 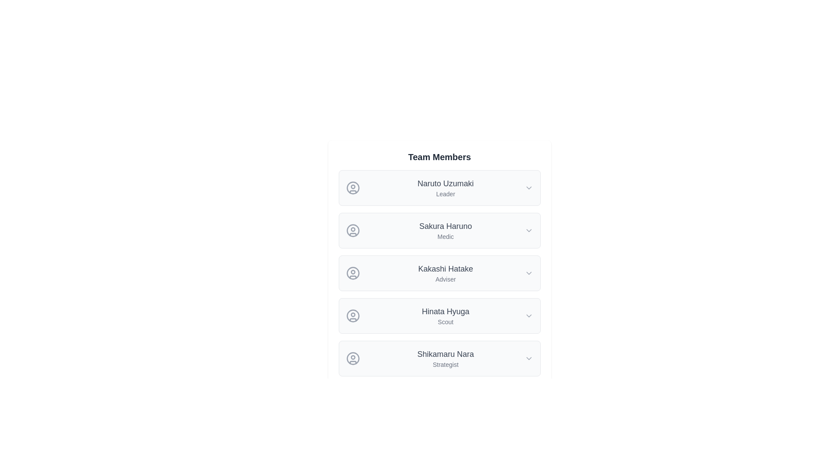 I want to click on the text label displaying 'Medic' that is visually distinct and located below 'Sakura Haruno' in the team member entry, so click(x=445, y=236).